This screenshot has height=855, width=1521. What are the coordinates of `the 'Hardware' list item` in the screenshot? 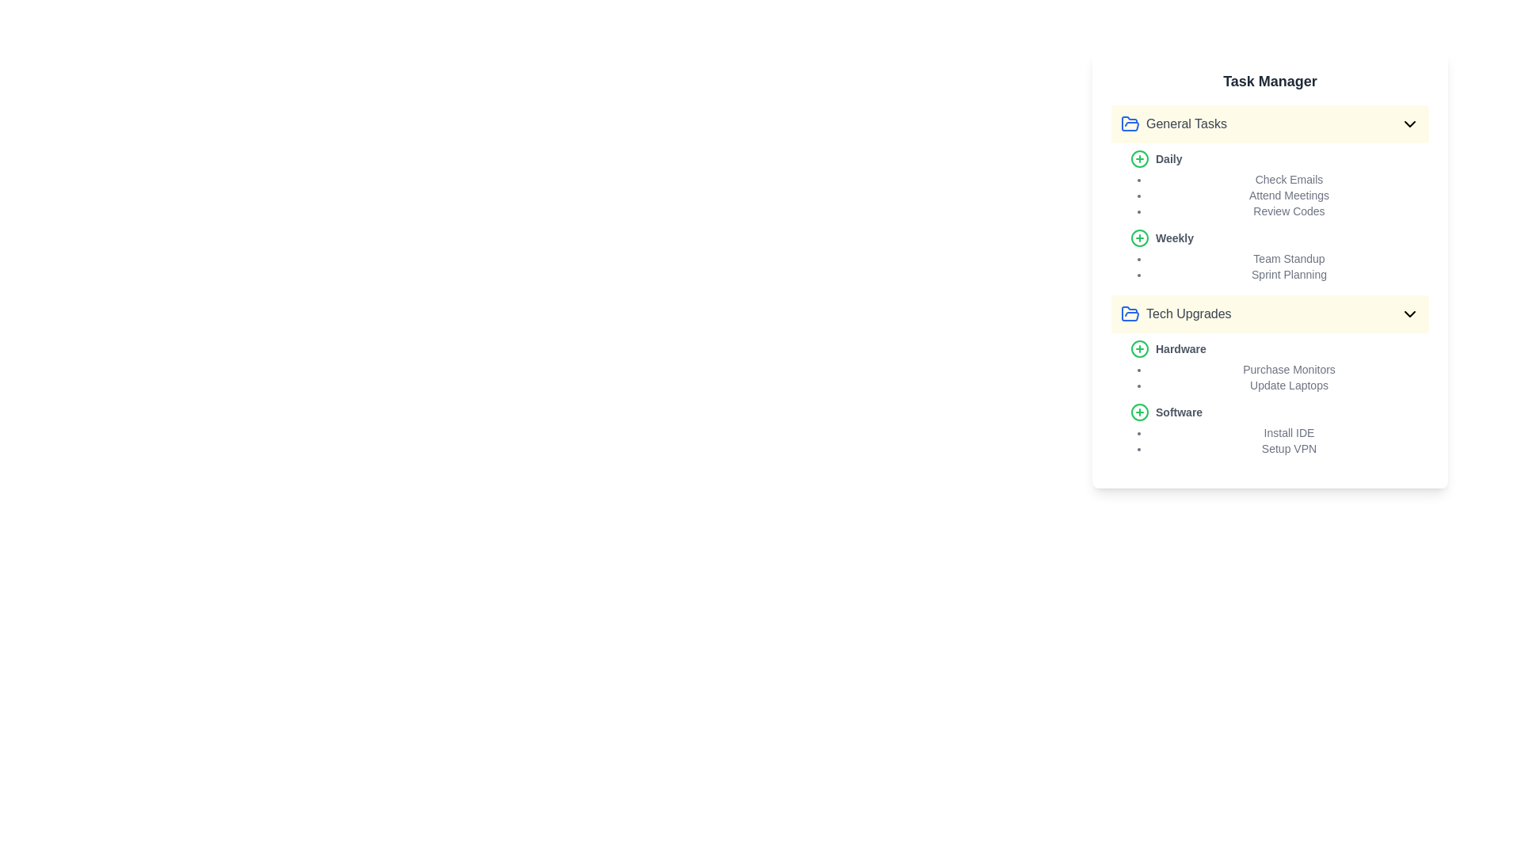 It's located at (1279, 366).